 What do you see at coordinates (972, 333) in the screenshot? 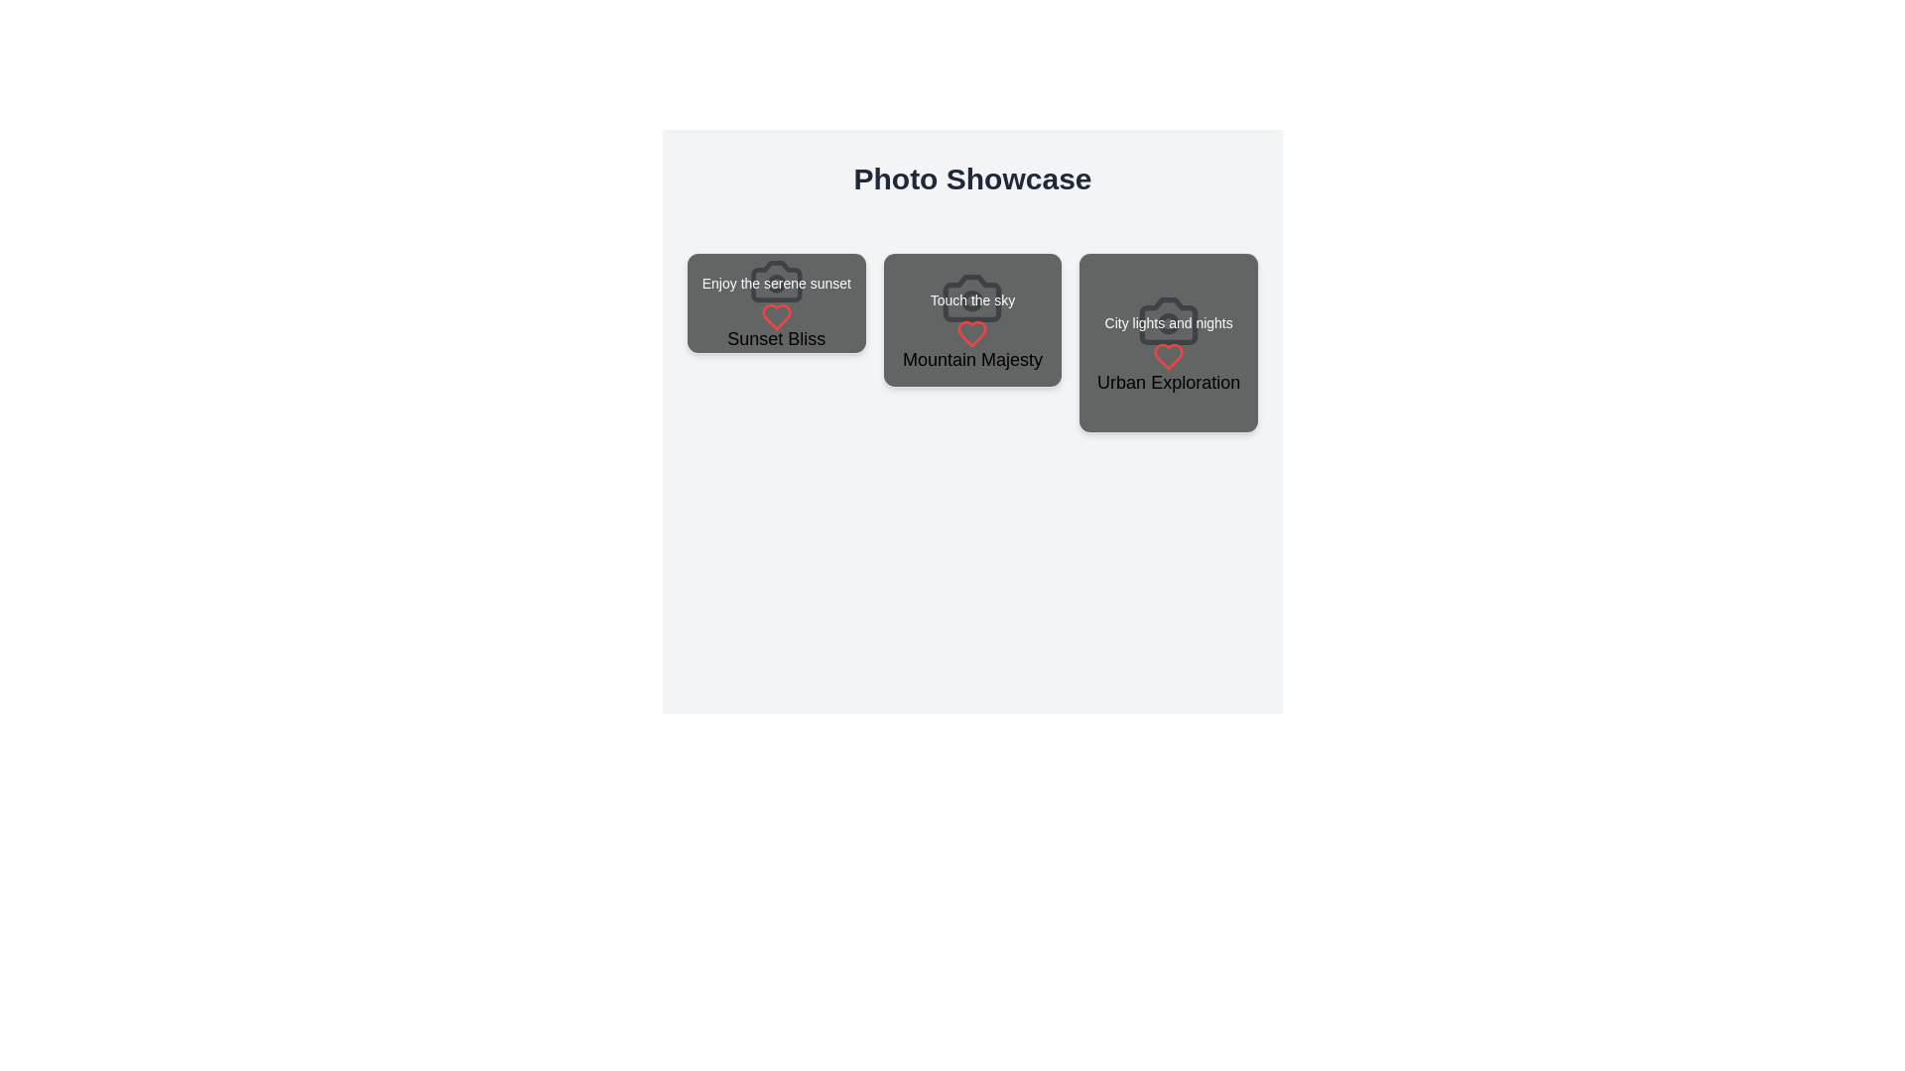
I see `the heart-shaped icon button located` at bounding box center [972, 333].